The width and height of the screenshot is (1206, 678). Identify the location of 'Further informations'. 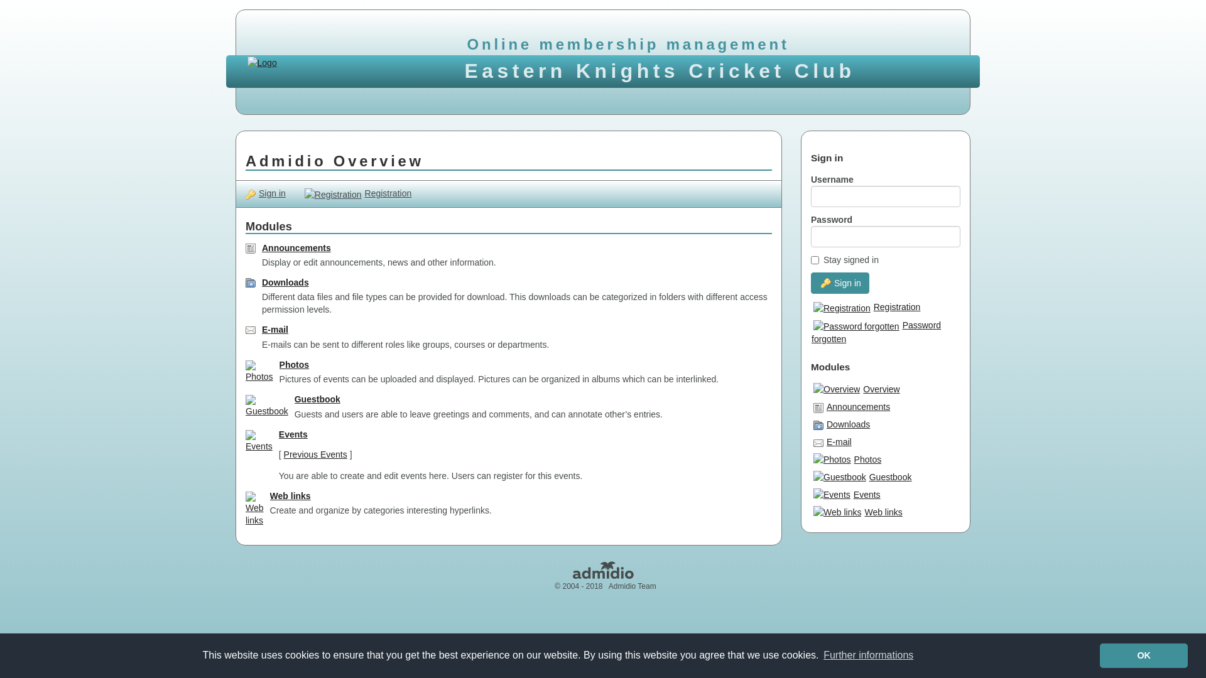
(867, 655).